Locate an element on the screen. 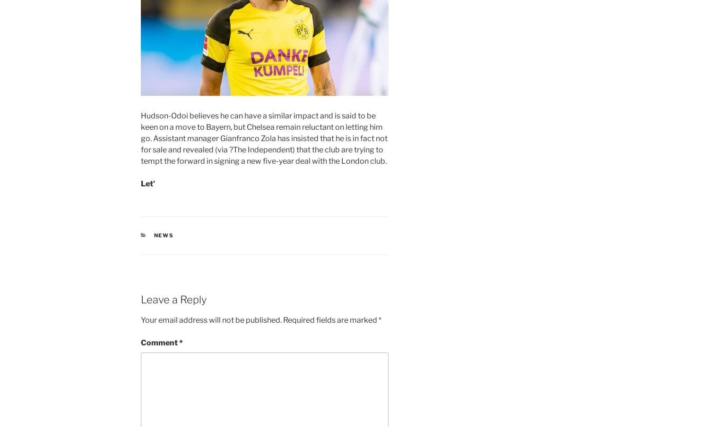 This screenshot has height=427, width=709. '?The Independent' is located at coordinates (228, 149).